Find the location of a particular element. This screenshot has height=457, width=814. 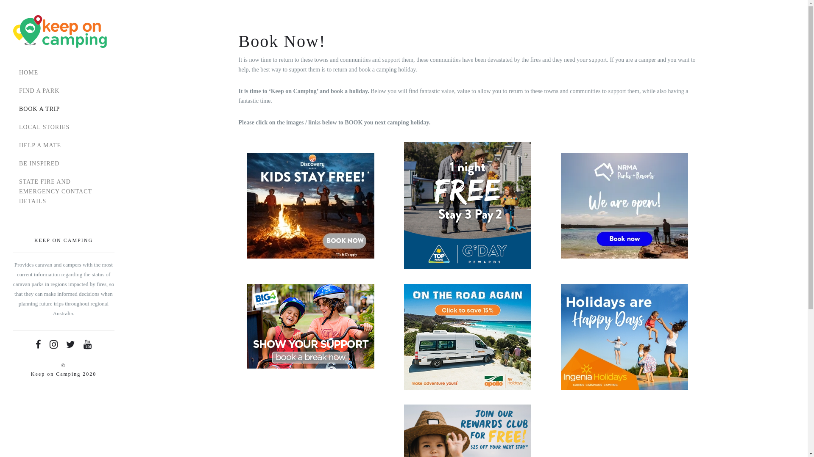

'FIND A PARK' is located at coordinates (63, 91).